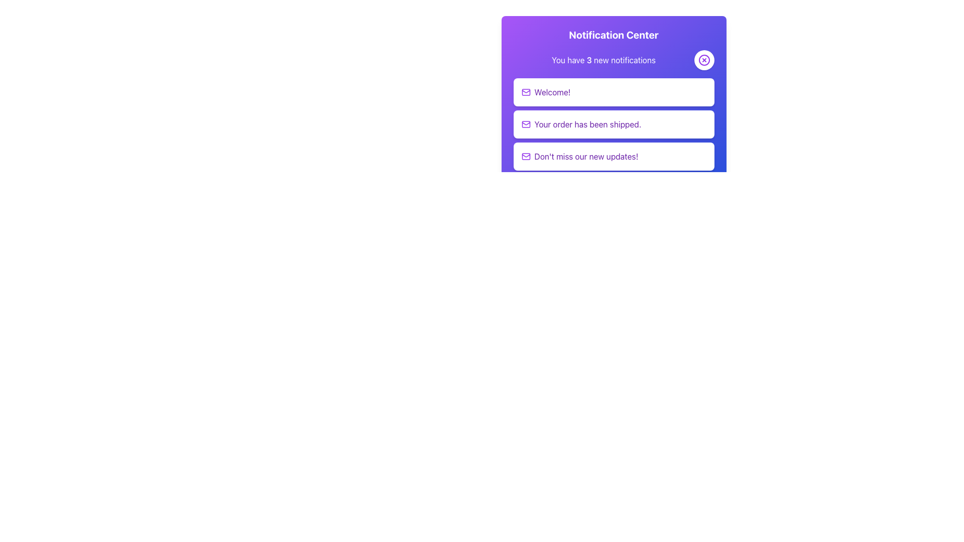 Image resolution: width=964 pixels, height=542 pixels. Describe the element at coordinates (586, 157) in the screenshot. I see `the Text Label displaying the message "Don't miss our new updates!" which is part of a notification interface` at that location.